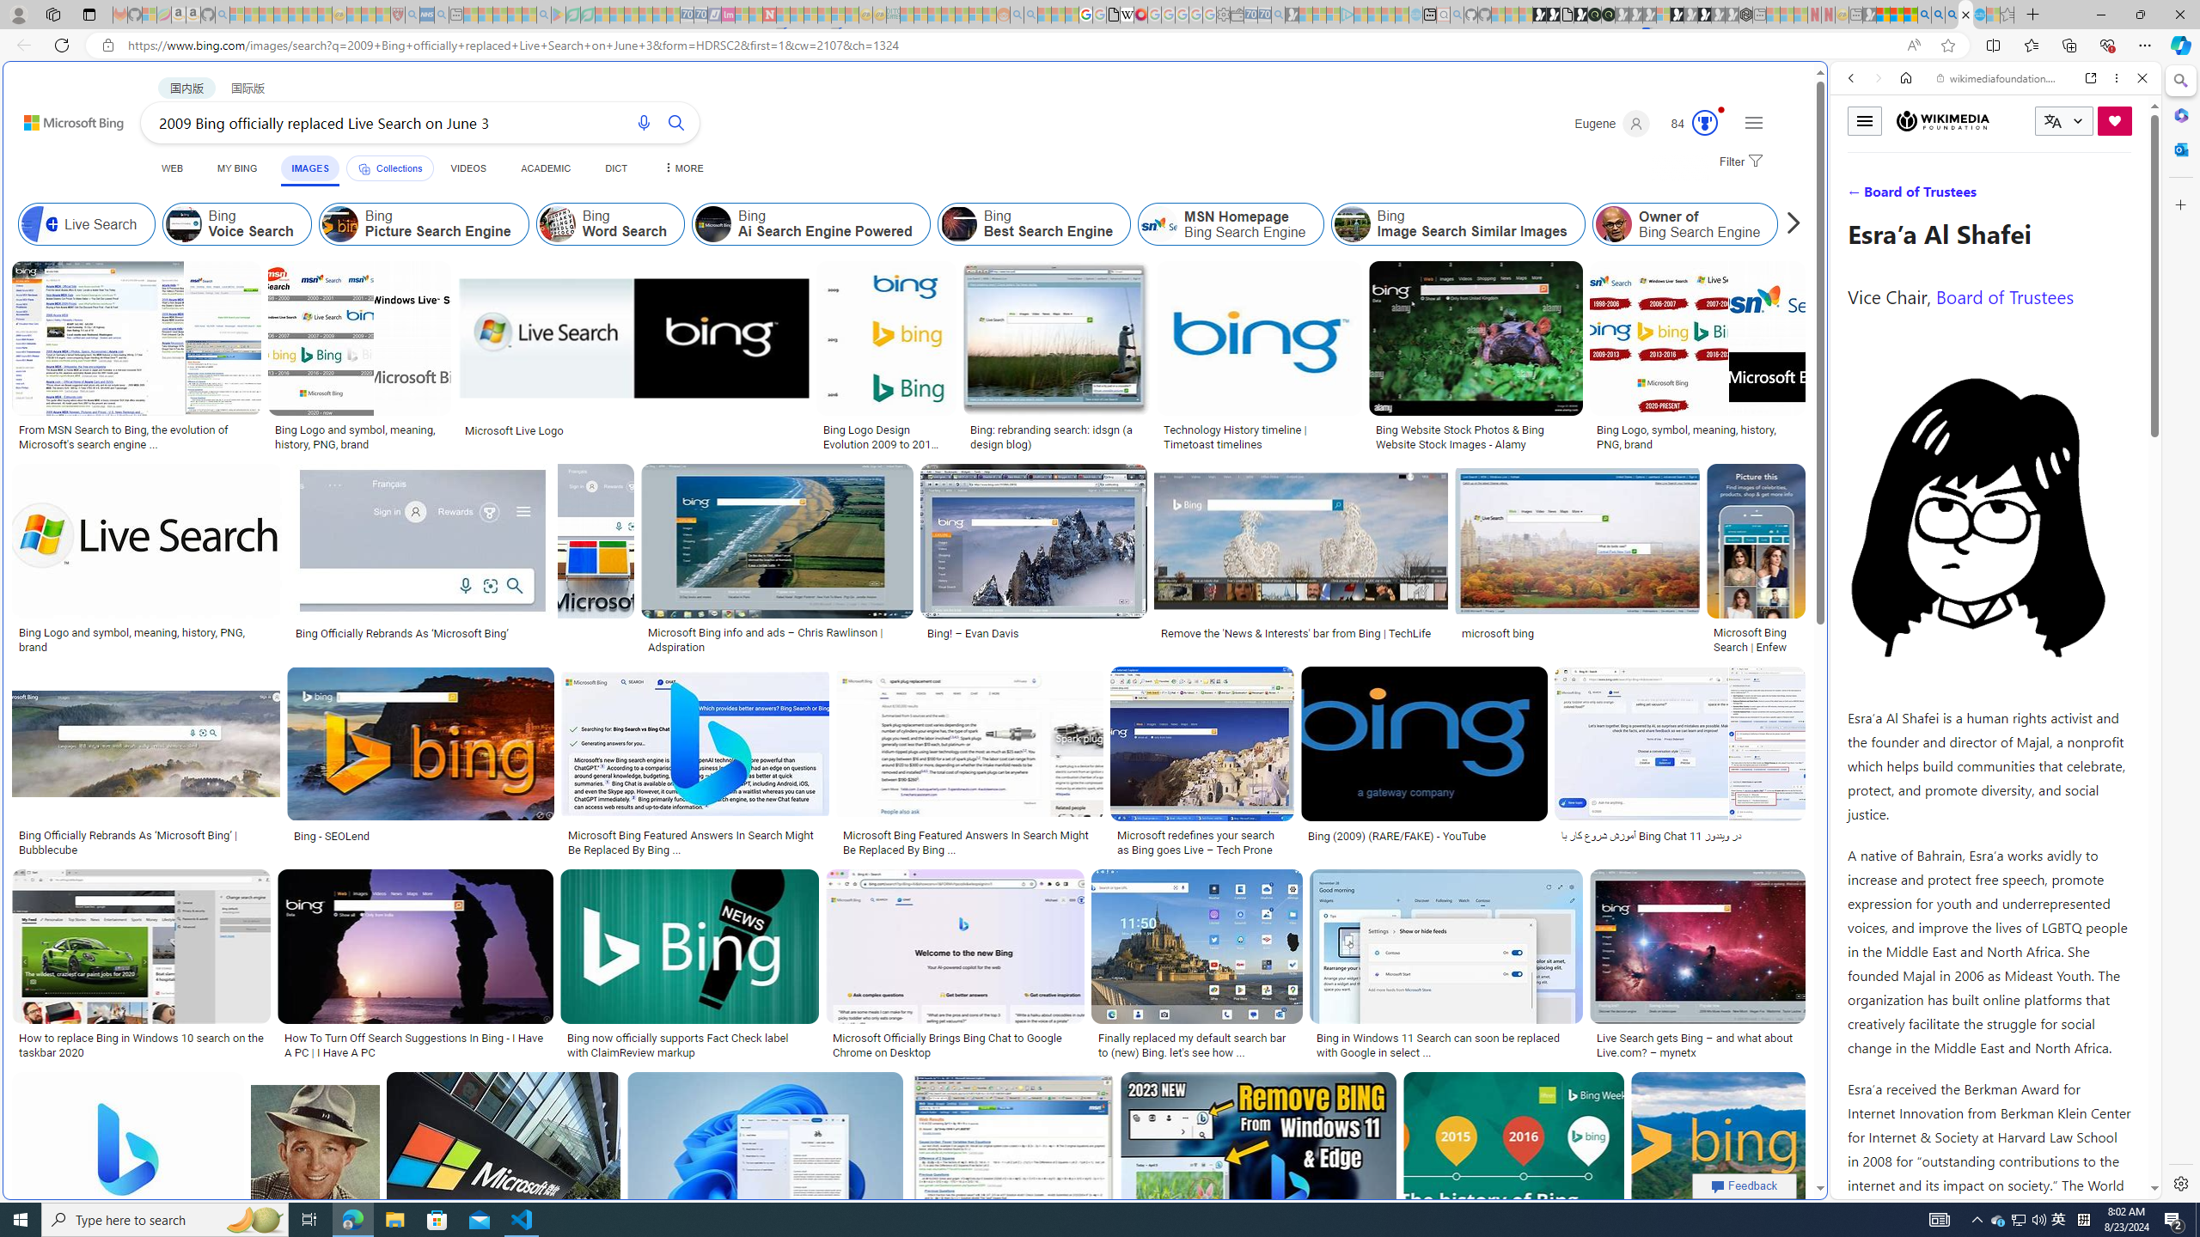  What do you see at coordinates (1863, 121) in the screenshot?
I see `'Toggle menu'` at bounding box center [1863, 121].